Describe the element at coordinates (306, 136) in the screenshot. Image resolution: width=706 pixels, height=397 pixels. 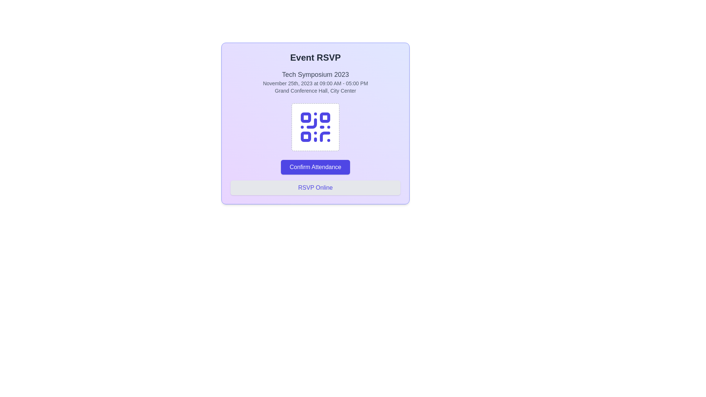
I see `the small square-shaped QR code component with rounded corners, filled in deep indigo color, located in the bottom left quadrant of the QR code graphic` at that location.